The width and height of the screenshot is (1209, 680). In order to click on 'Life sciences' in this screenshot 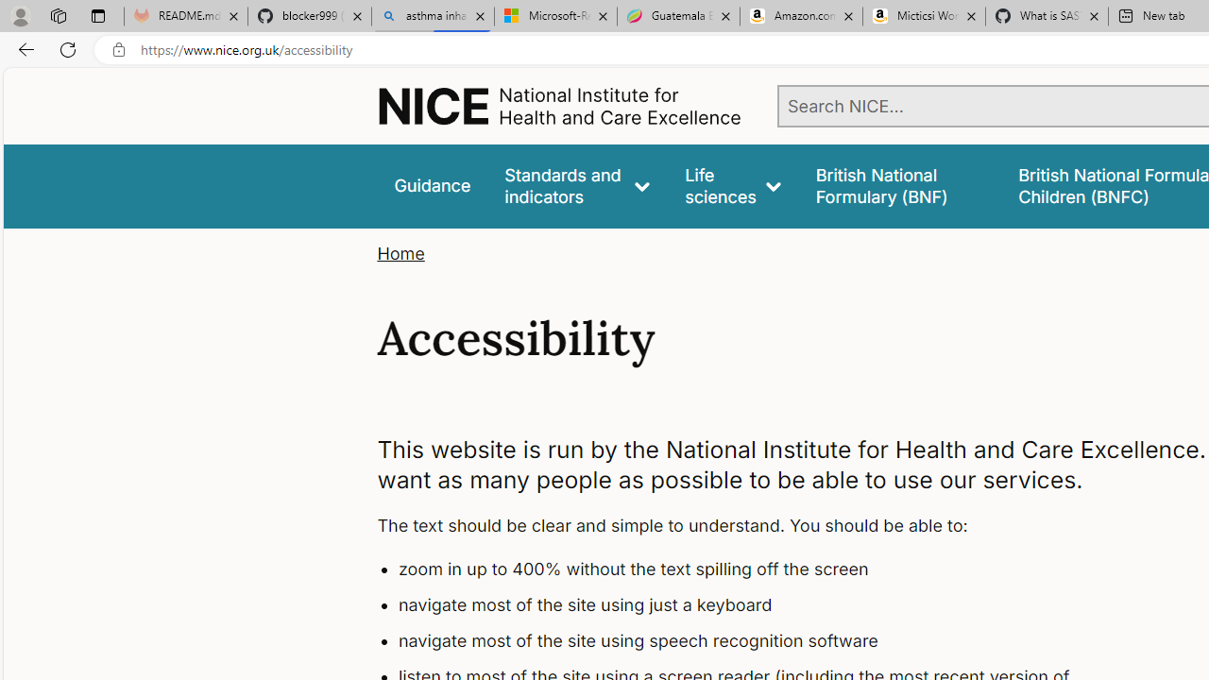, I will do `click(732, 186)`.